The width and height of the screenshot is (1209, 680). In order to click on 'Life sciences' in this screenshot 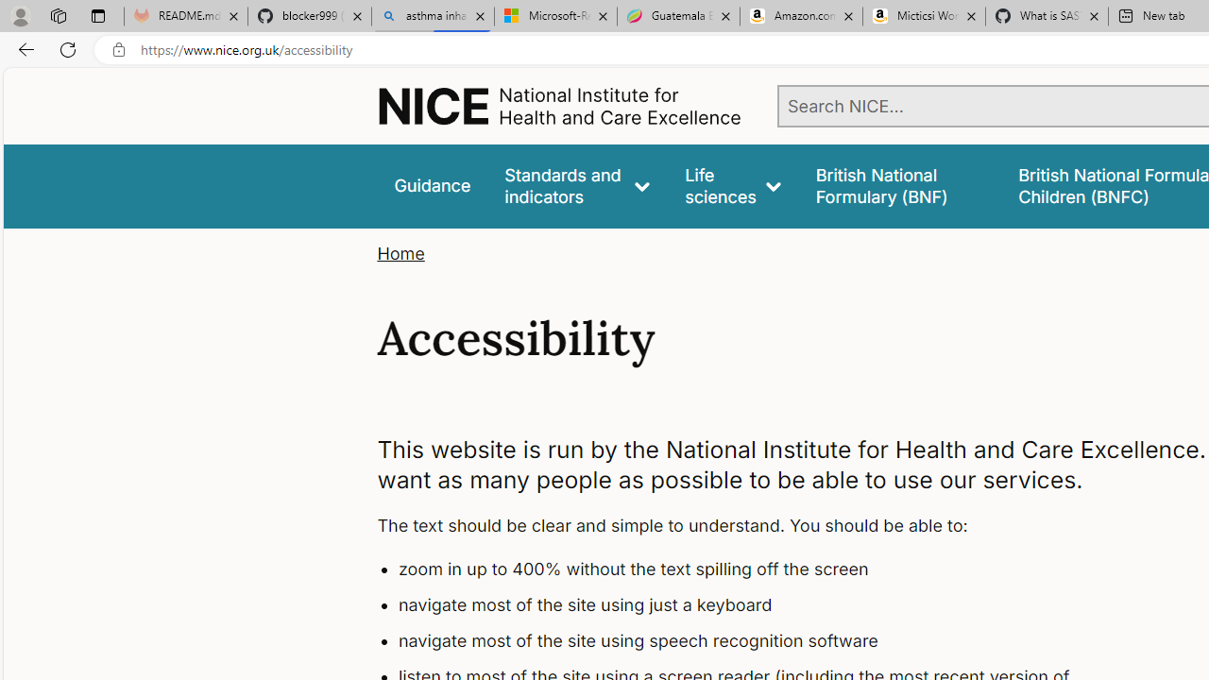, I will do `click(732, 186)`.